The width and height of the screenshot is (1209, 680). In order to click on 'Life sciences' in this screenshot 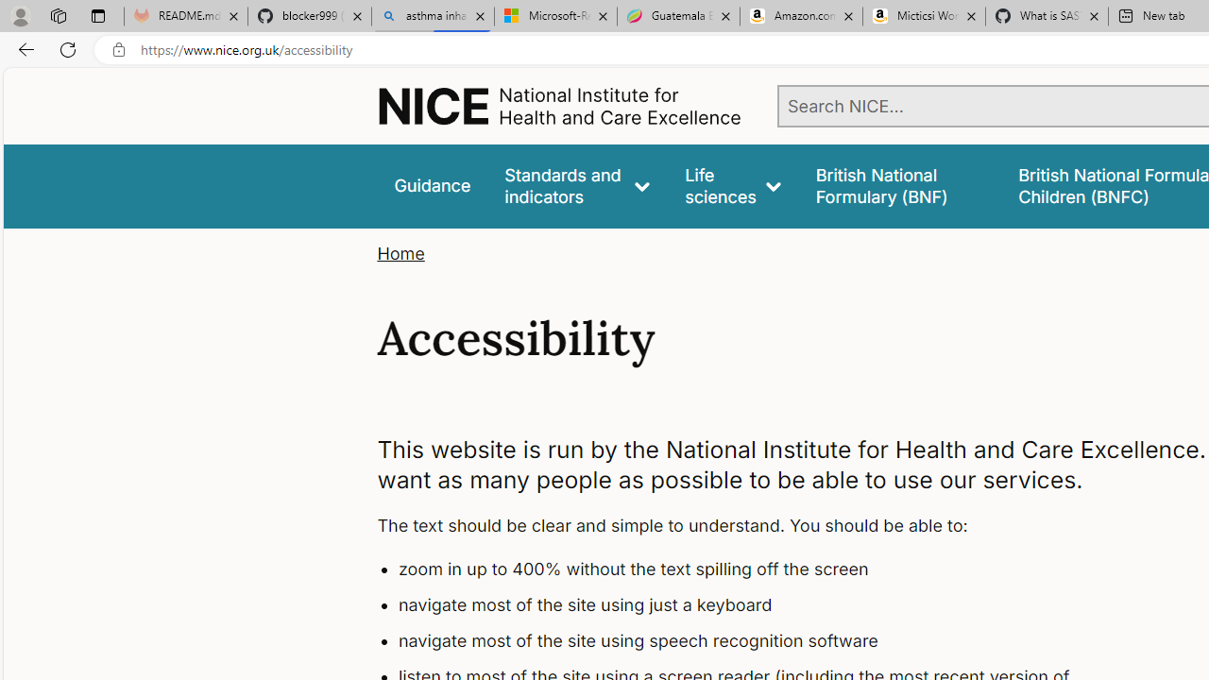, I will do `click(732, 186)`.